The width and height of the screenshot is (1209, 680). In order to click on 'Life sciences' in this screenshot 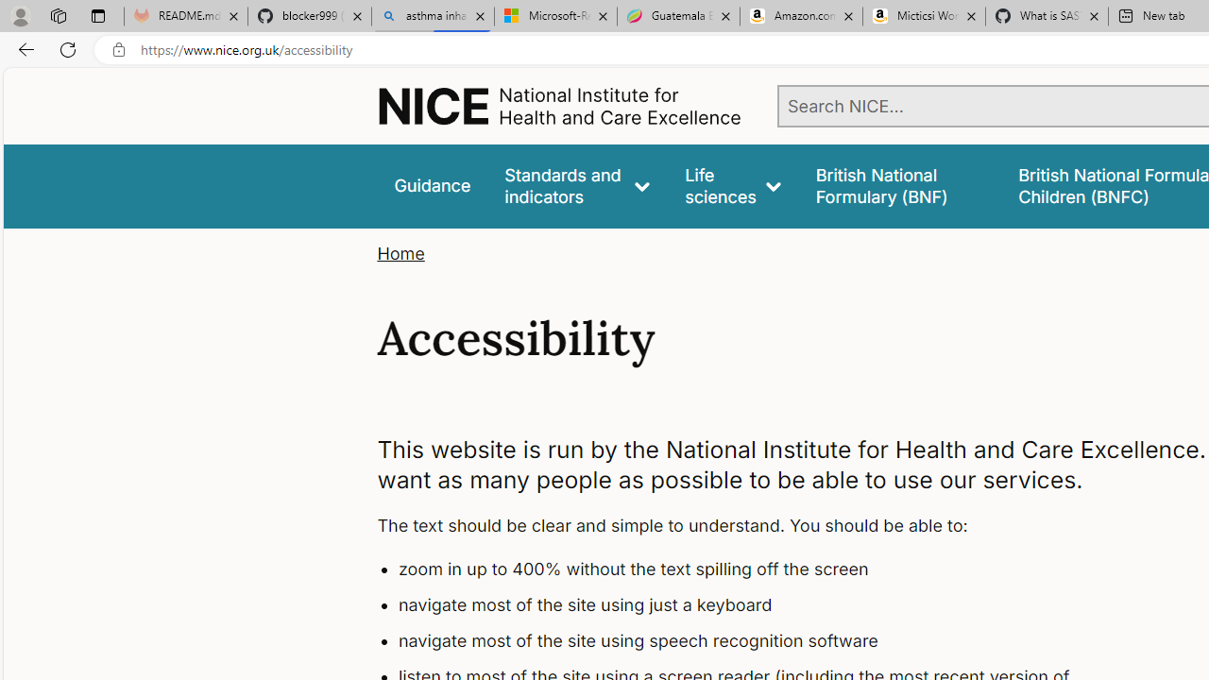, I will do `click(732, 186)`.